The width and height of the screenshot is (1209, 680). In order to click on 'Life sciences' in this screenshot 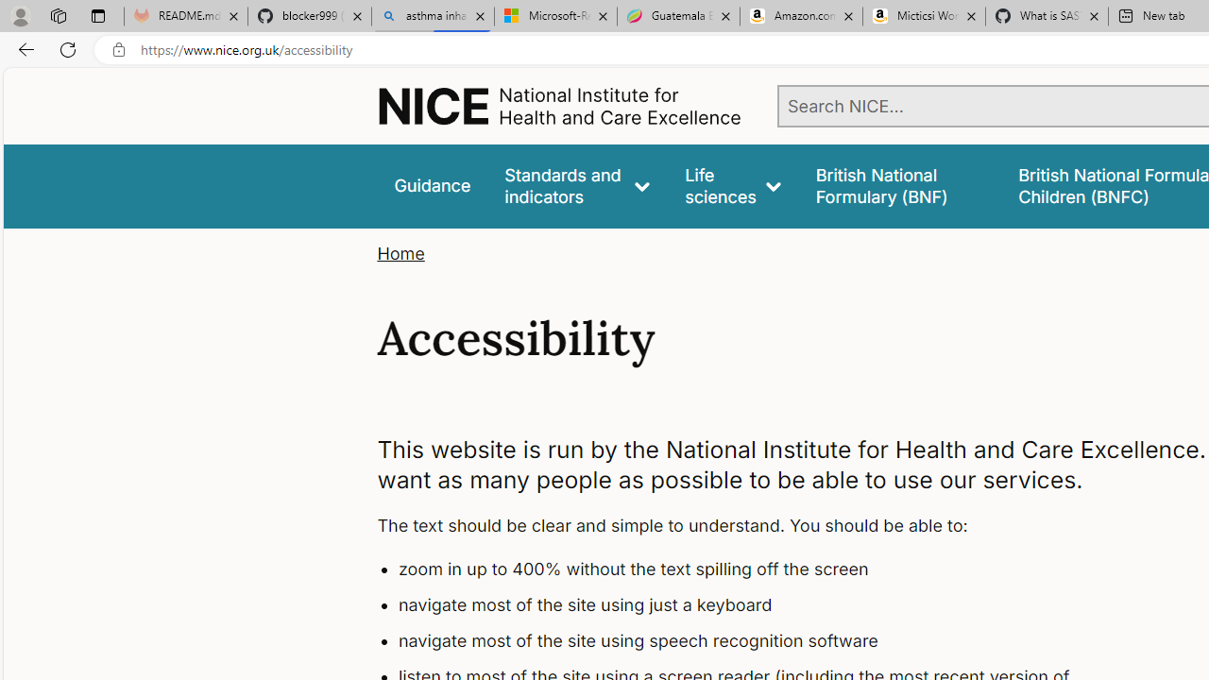, I will do `click(732, 186)`.